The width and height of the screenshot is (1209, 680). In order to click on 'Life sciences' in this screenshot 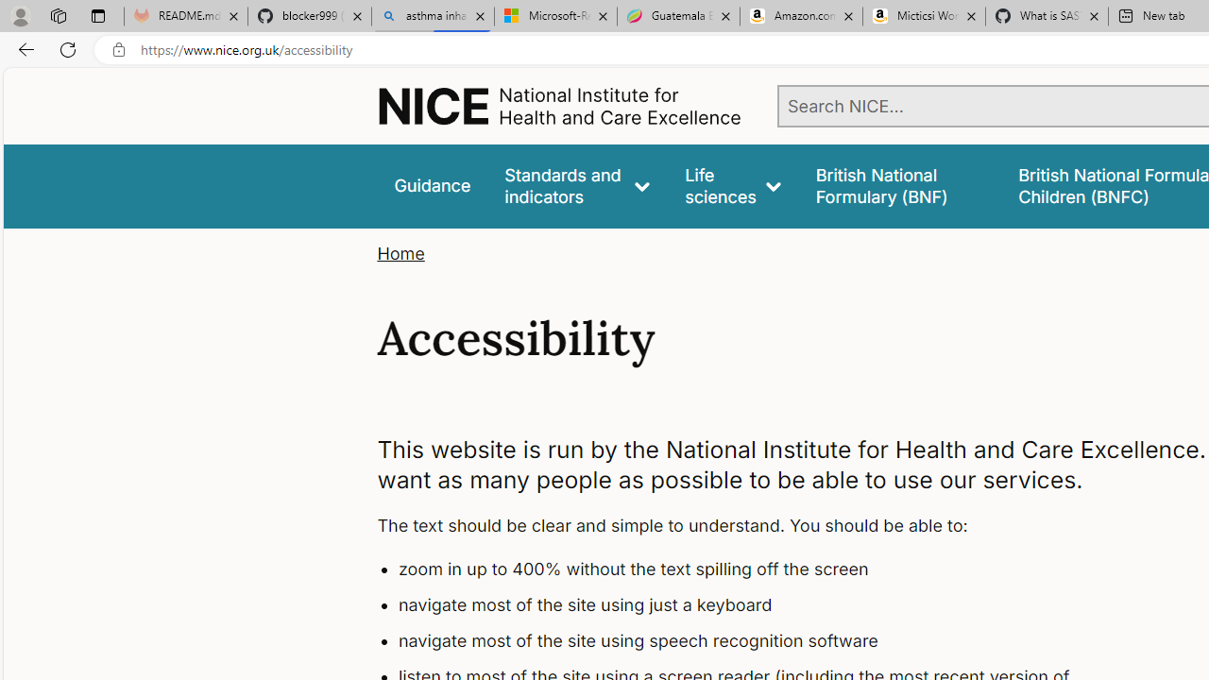, I will do `click(732, 186)`.